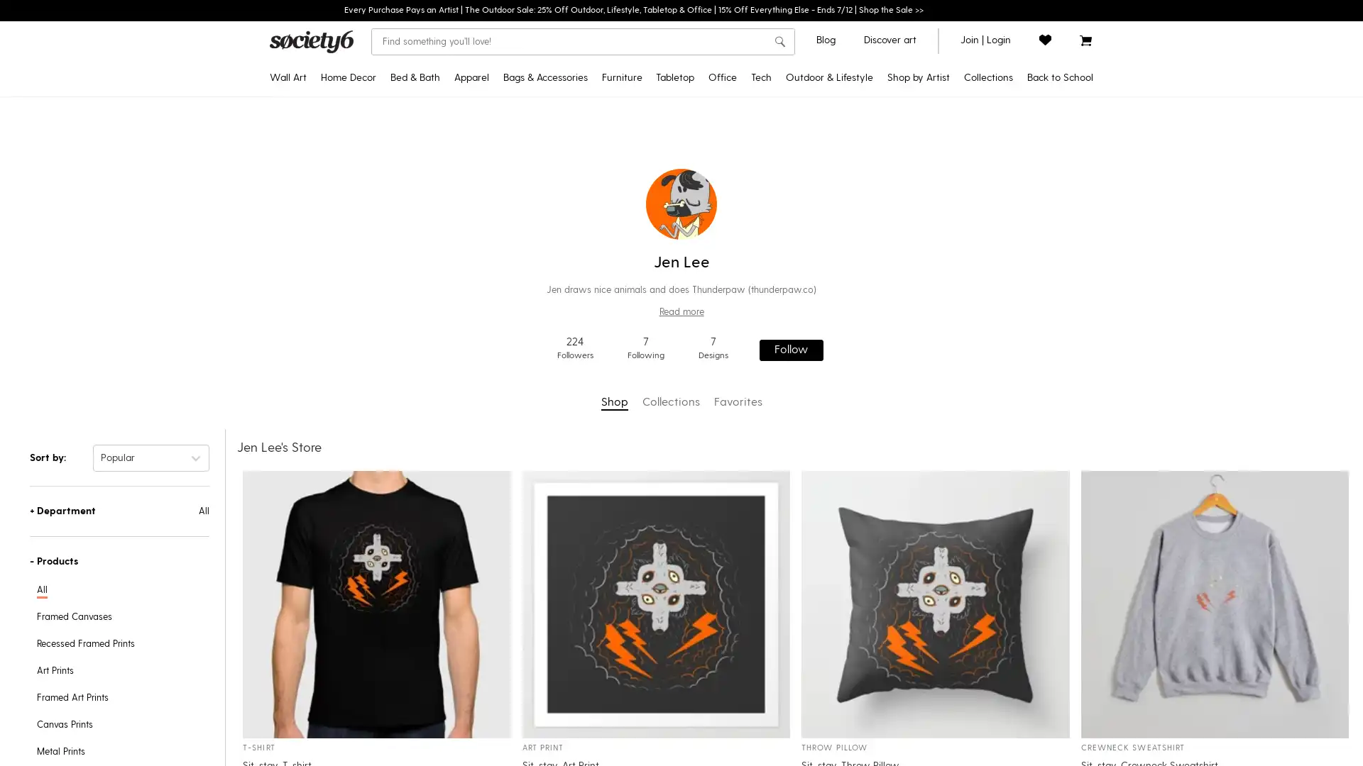  I want to click on Star WarsTM, so click(880, 136).